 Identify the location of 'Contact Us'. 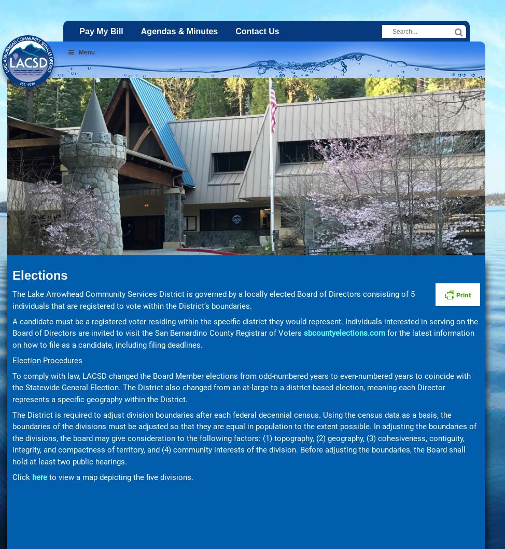
(257, 31).